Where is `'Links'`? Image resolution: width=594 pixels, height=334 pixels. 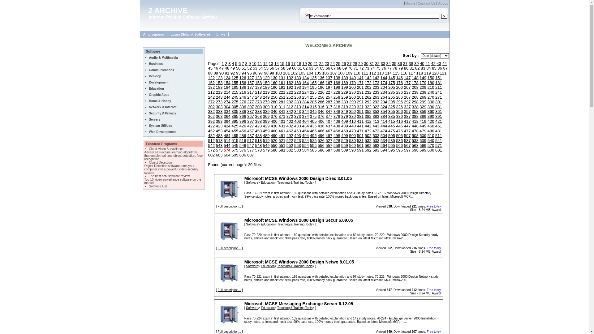
'Links' is located at coordinates (221, 34).